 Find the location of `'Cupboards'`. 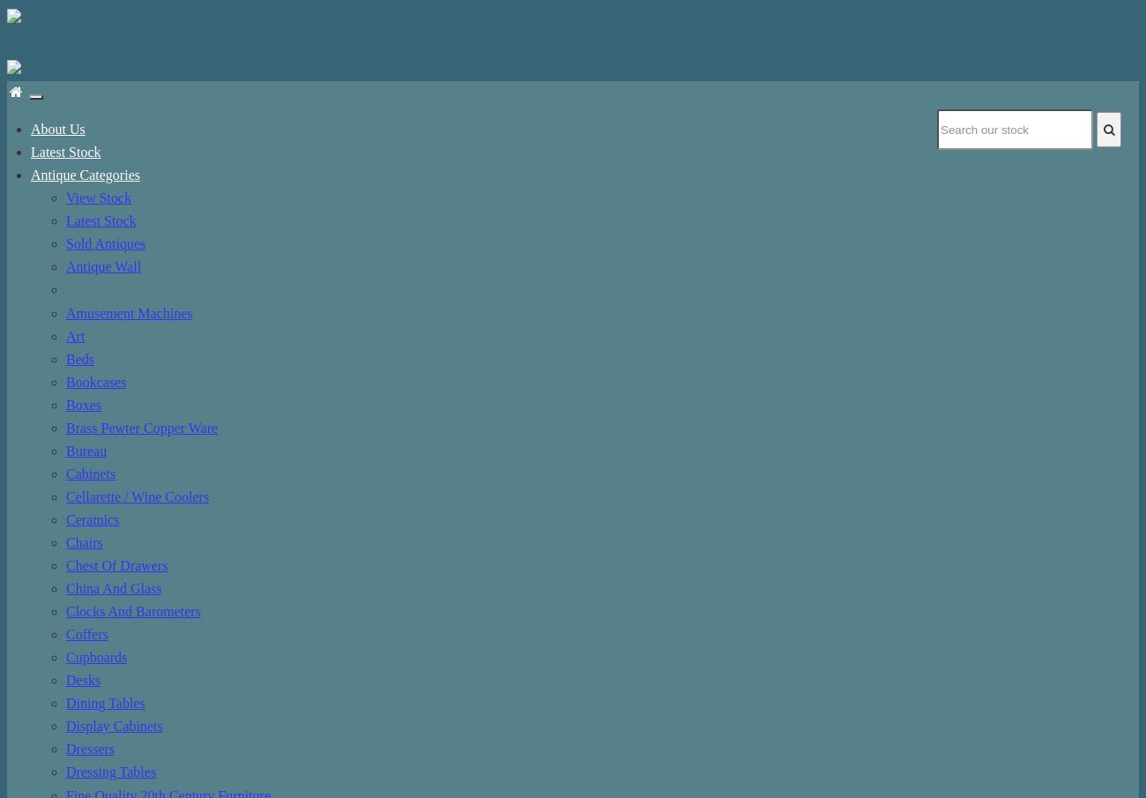

'Cupboards' is located at coordinates (95, 656).